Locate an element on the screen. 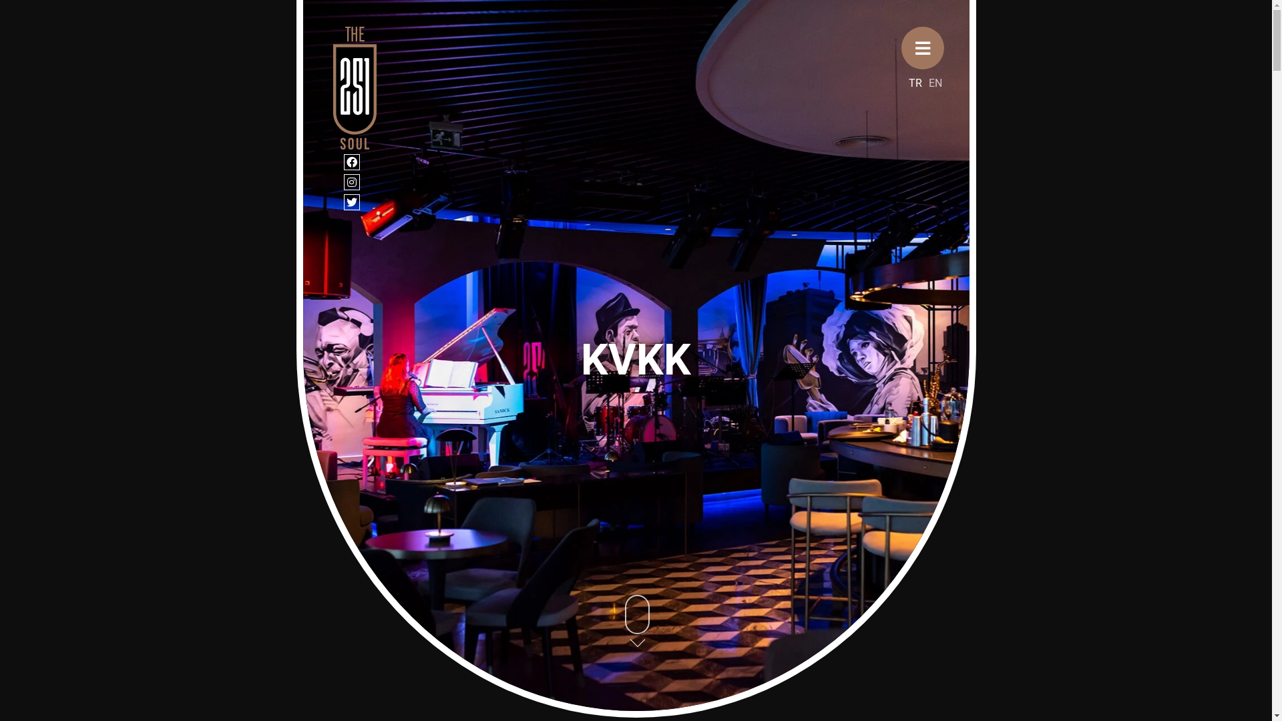  'TR' is located at coordinates (913, 83).